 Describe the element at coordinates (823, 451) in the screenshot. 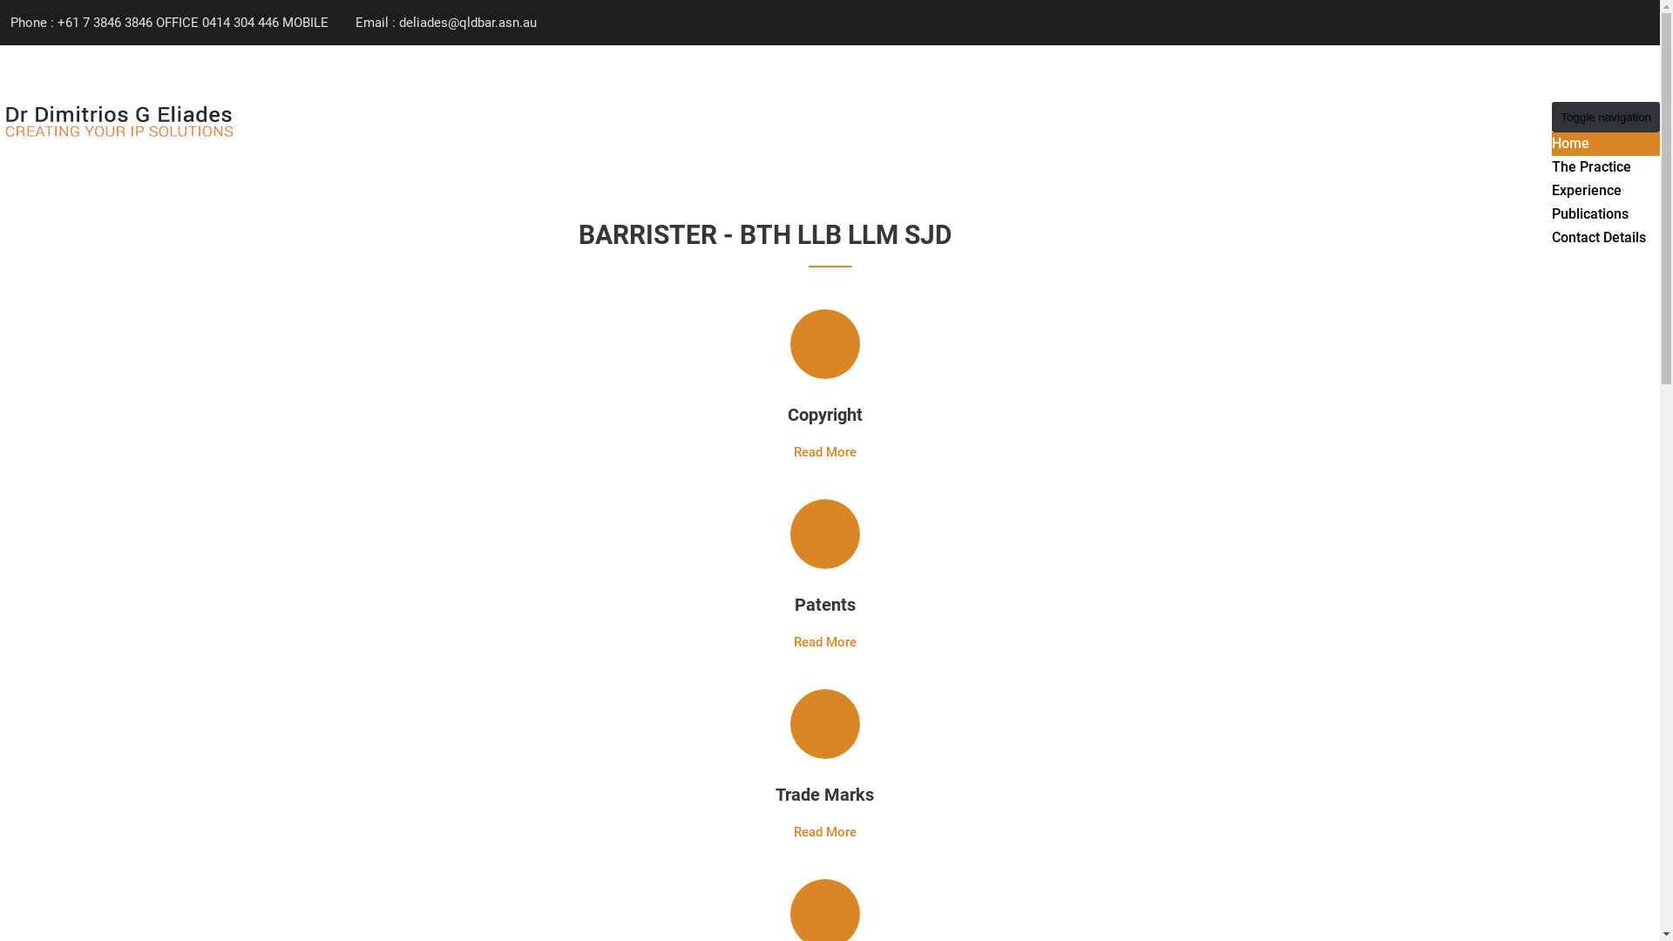

I see `'Read More'` at that location.